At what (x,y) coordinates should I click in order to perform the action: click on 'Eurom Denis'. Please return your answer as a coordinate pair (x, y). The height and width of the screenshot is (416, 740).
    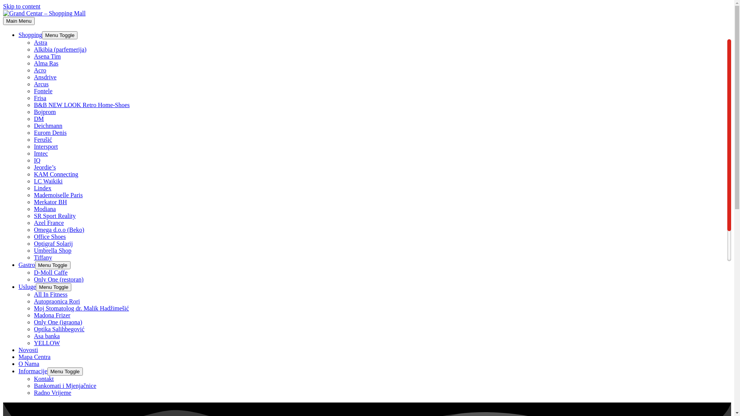
    Looking at the image, I should click on (50, 132).